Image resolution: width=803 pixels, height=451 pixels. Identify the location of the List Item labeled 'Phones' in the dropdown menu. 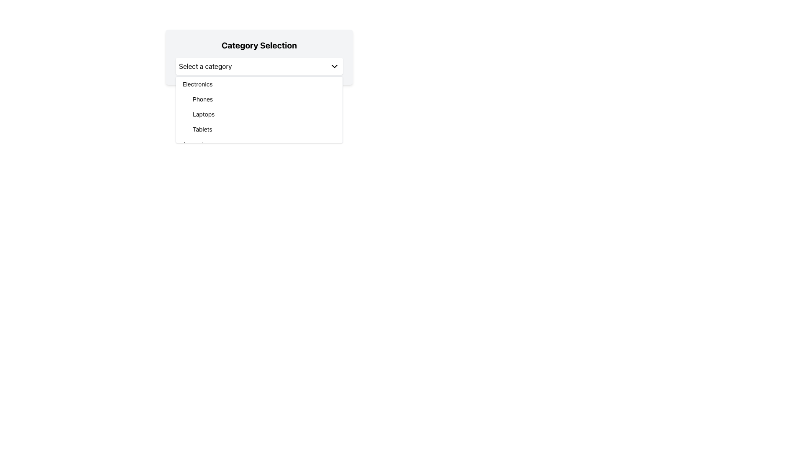
(264, 99).